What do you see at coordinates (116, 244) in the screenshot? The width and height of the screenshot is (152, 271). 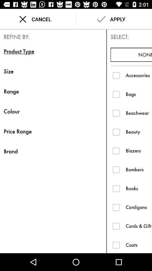 I see `coats setting` at bounding box center [116, 244].